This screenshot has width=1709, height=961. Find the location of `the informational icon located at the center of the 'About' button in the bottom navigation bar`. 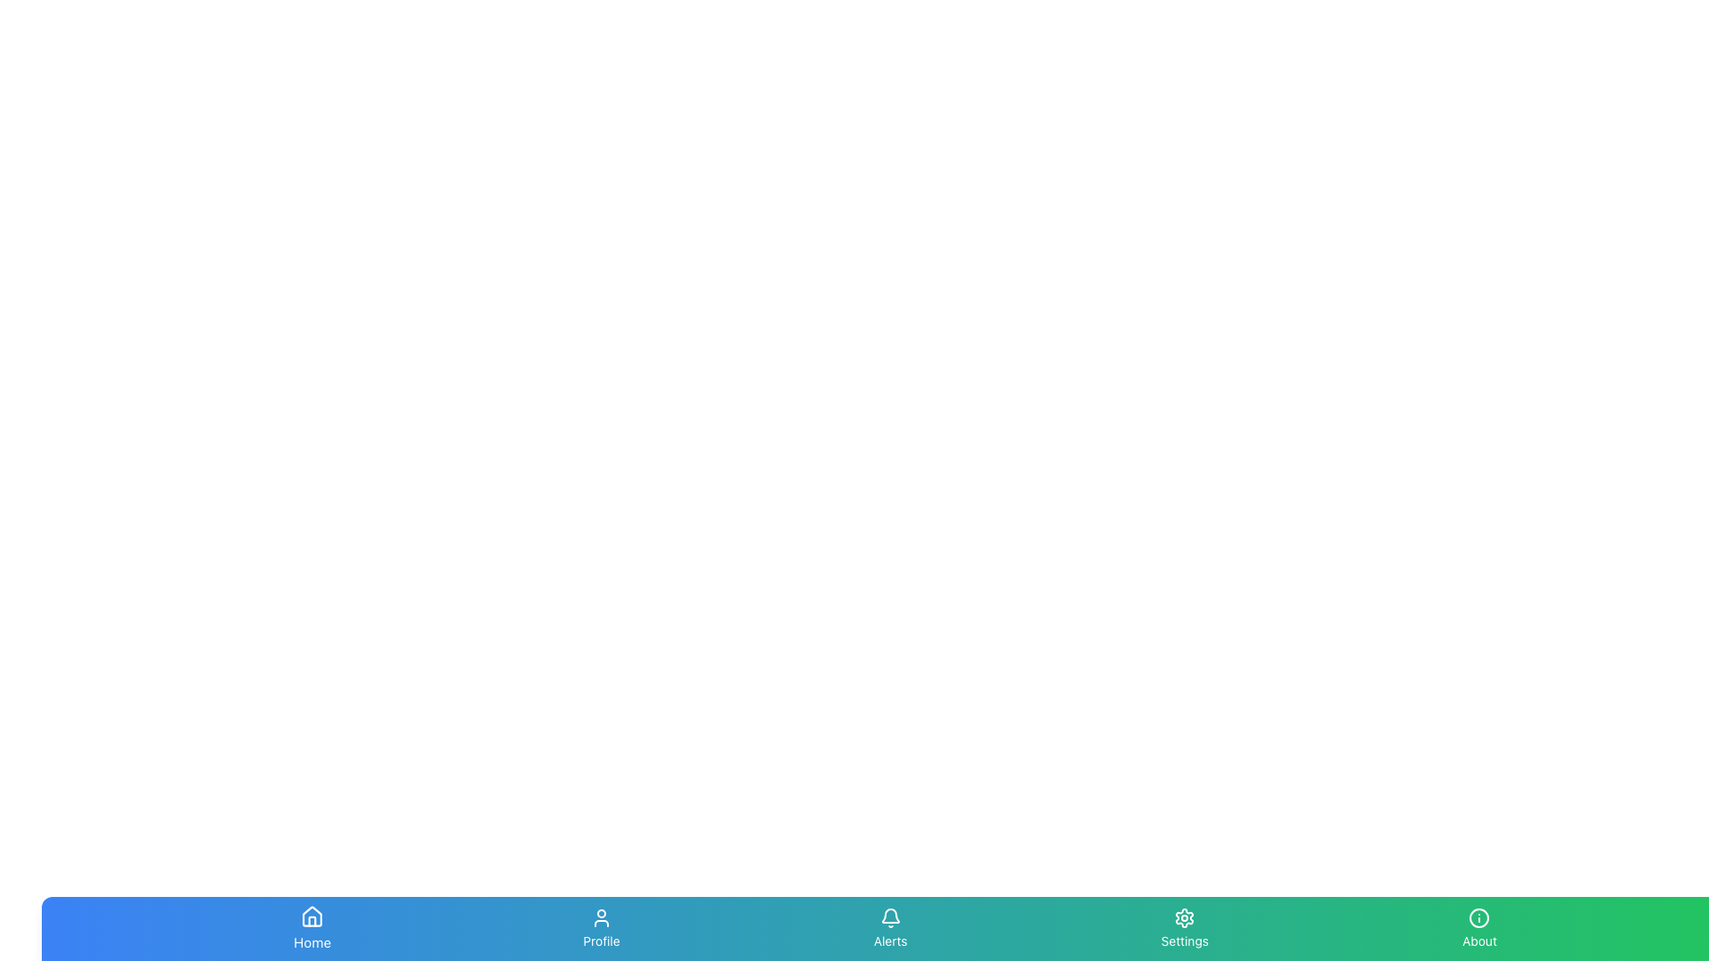

the informational icon located at the center of the 'About' button in the bottom navigation bar is located at coordinates (1479, 918).